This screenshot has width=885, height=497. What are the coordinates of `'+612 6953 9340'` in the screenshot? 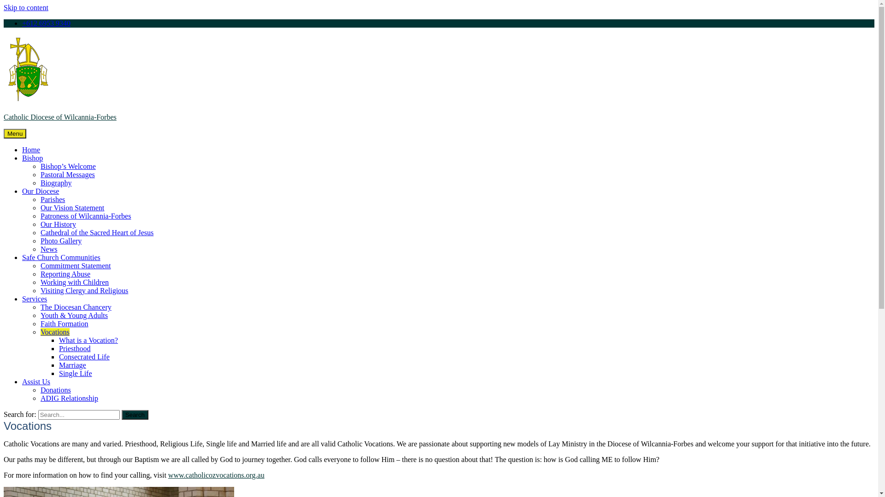 It's located at (46, 23).